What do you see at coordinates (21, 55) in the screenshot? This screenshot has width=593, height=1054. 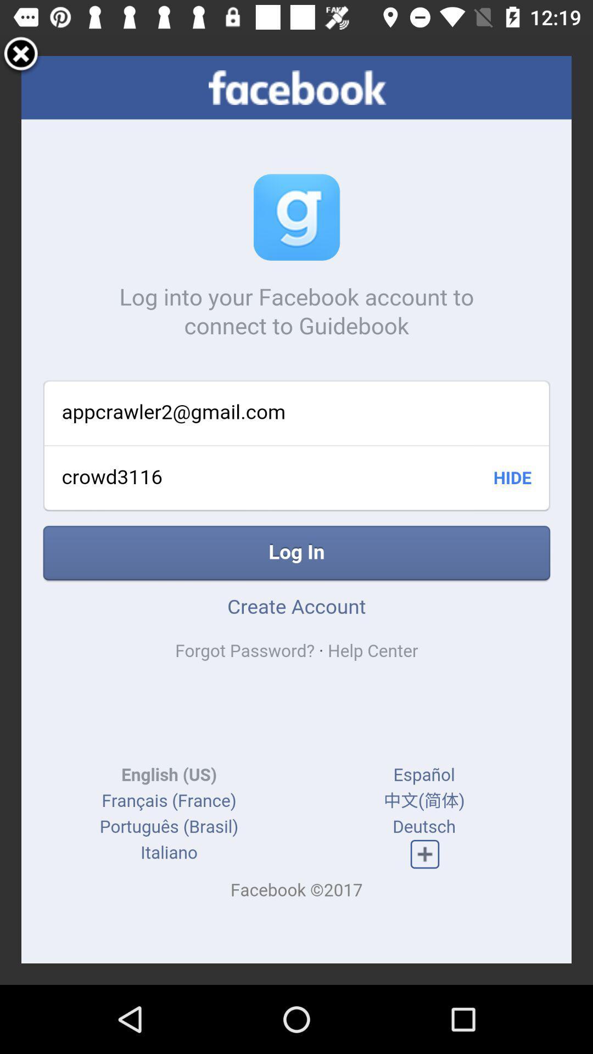 I see `window` at bounding box center [21, 55].